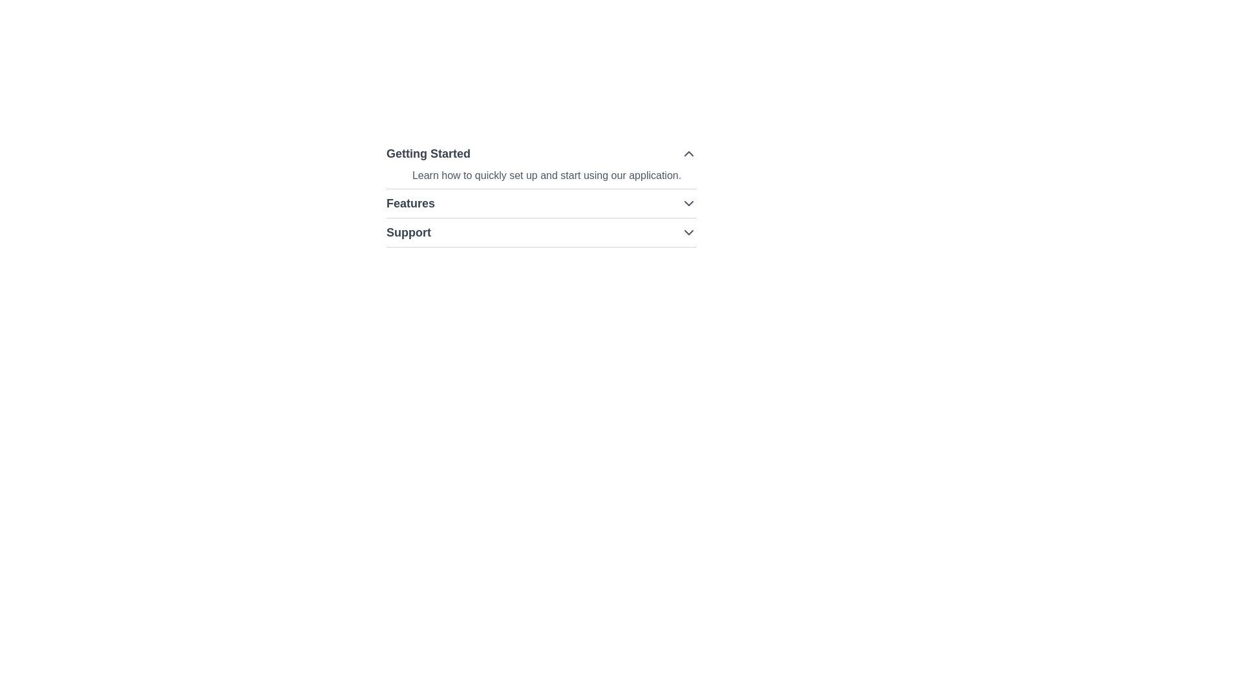 This screenshot has width=1241, height=698. I want to click on the 'Features' text label, which is styled in bold, dark gray font and is prominently displayed in the top-left quadrant of the interface, so click(410, 204).